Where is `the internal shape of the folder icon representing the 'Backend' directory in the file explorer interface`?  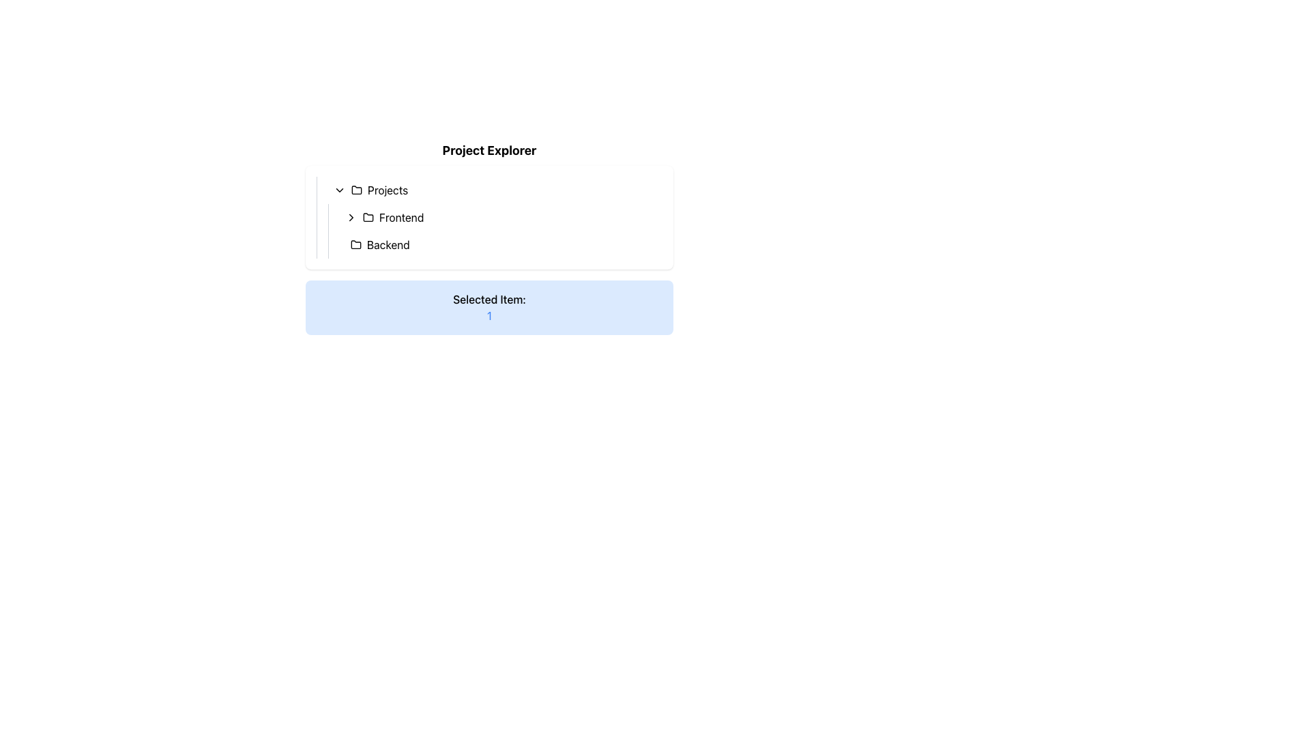
the internal shape of the folder icon representing the 'Backend' directory in the file explorer interface is located at coordinates (356, 244).